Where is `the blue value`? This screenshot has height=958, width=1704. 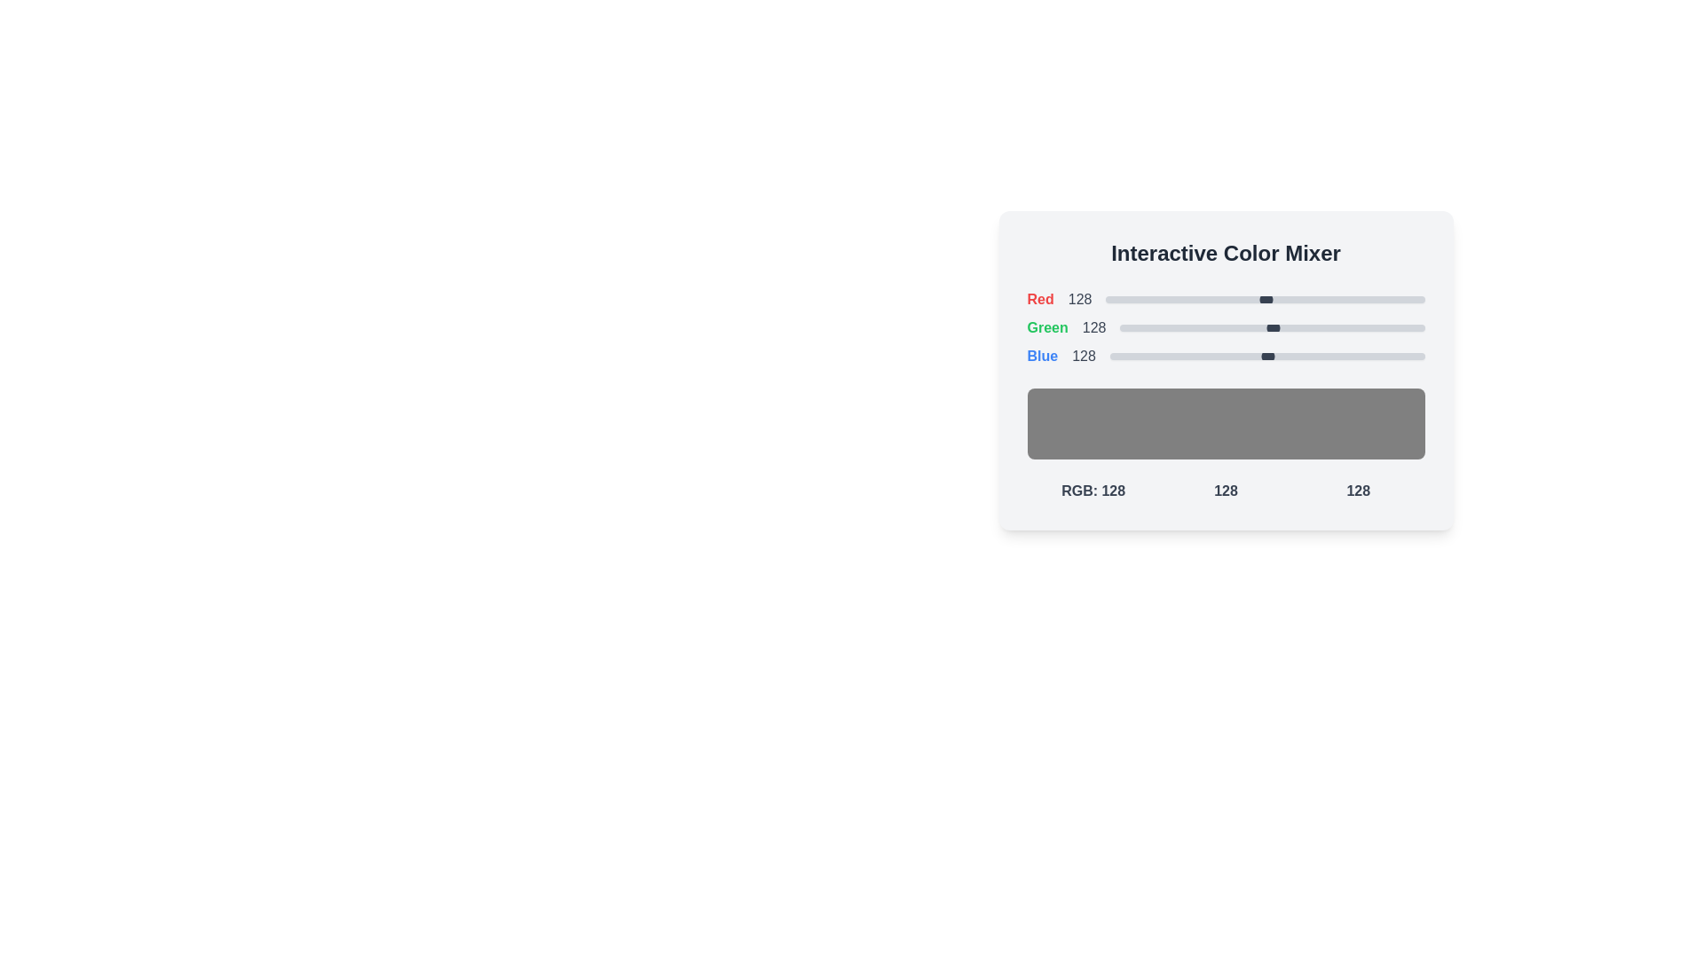
the blue value is located at coordinates (1357, 356).